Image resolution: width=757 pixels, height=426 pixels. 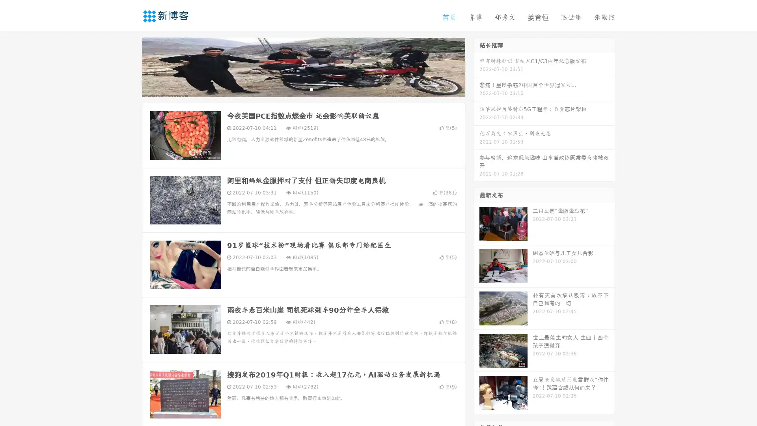 What do you see at coordinates (311, 89) in the screenshot?
I see `Go to slide 3` at bounding box center [311, 89].